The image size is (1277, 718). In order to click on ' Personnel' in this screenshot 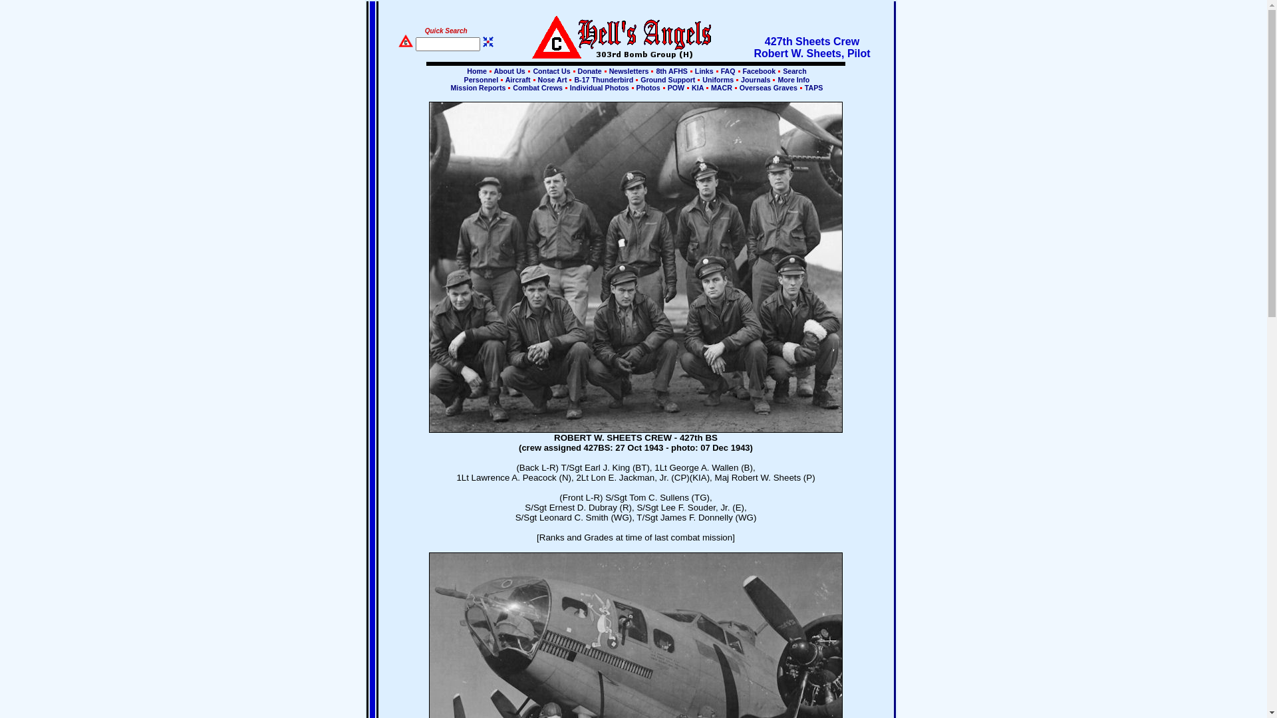, I will do `click(480, 79)`.